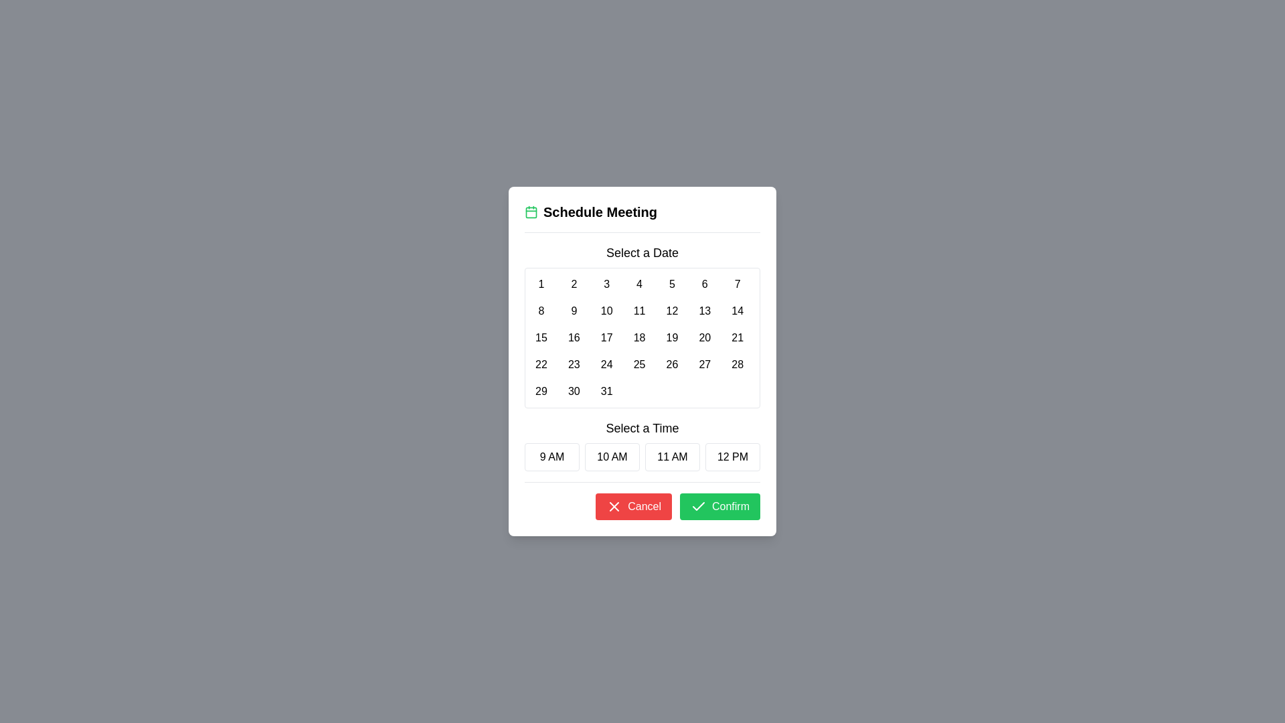  Describe the element at coordinates (633, 506) in the screenshot. I see `the cancel button in the modal dialog` at that location.